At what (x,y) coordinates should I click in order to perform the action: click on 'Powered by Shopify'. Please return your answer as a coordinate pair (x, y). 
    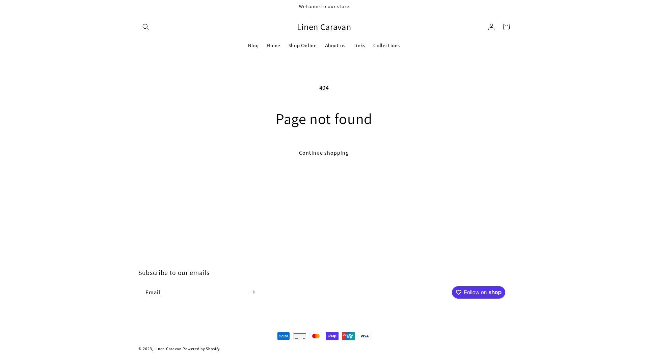
    Looking at the image, I should click on (200, 348).